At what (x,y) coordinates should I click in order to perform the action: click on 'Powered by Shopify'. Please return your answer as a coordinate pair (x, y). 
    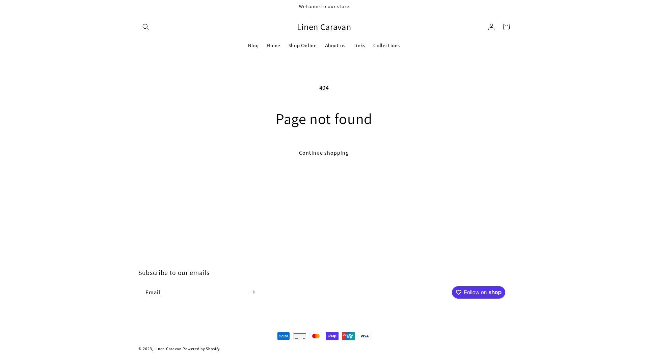
    Looking at the image, I should click on (200, 348).